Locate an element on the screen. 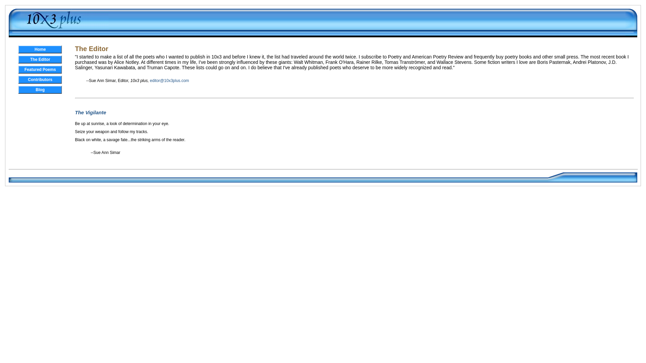 The image size is (646, 363). 'Featured Poems' is located at coordinates (40, 70).